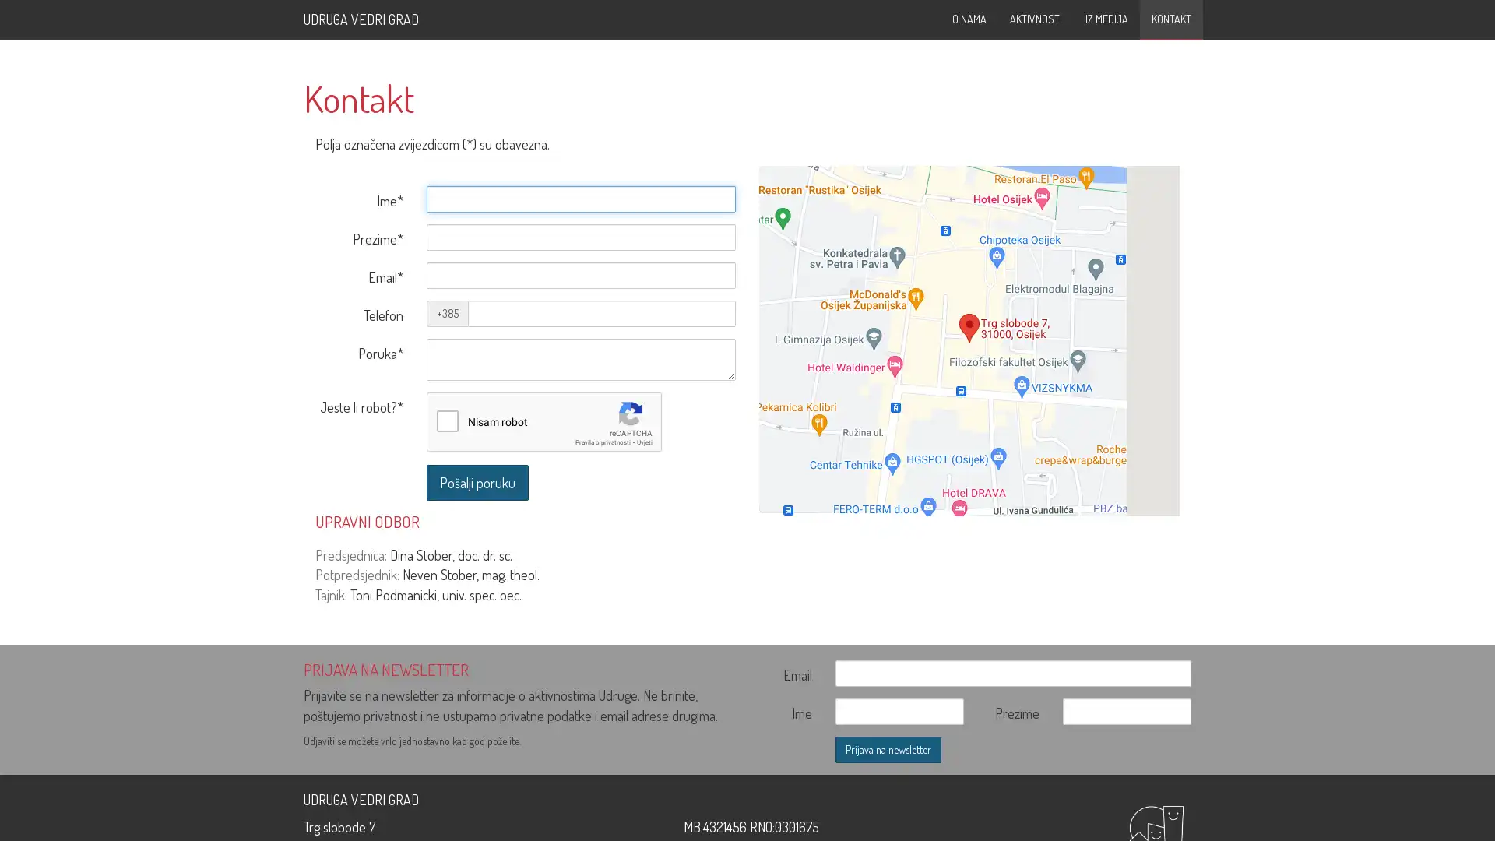 This screenshot has width=1495, height=841. I want to click on Posalji poruku, so click(476, 480).